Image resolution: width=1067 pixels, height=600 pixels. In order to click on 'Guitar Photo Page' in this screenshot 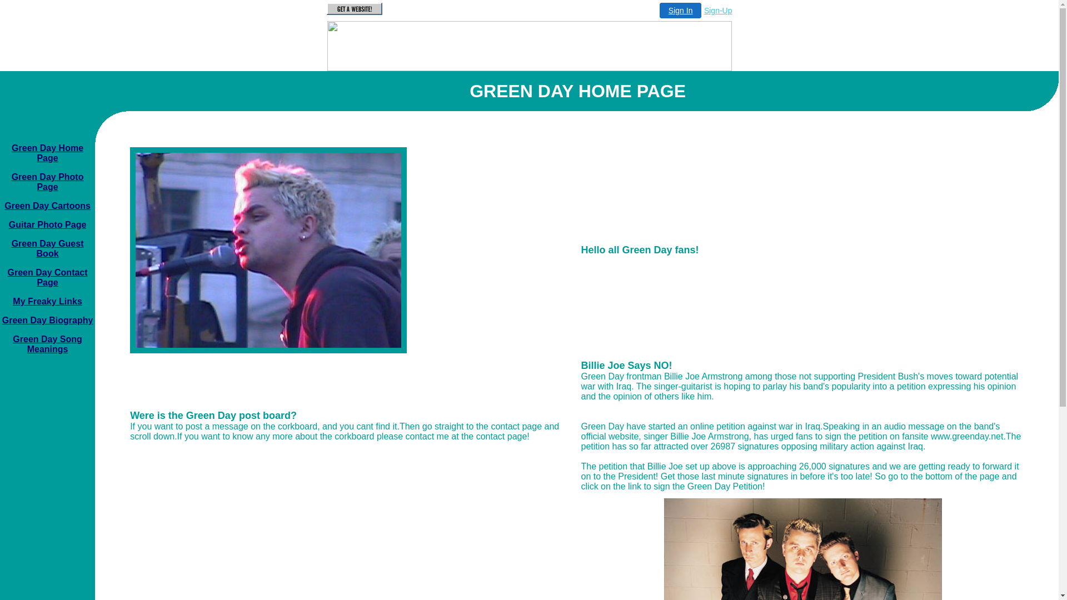, I will do `click(47, 224)`.